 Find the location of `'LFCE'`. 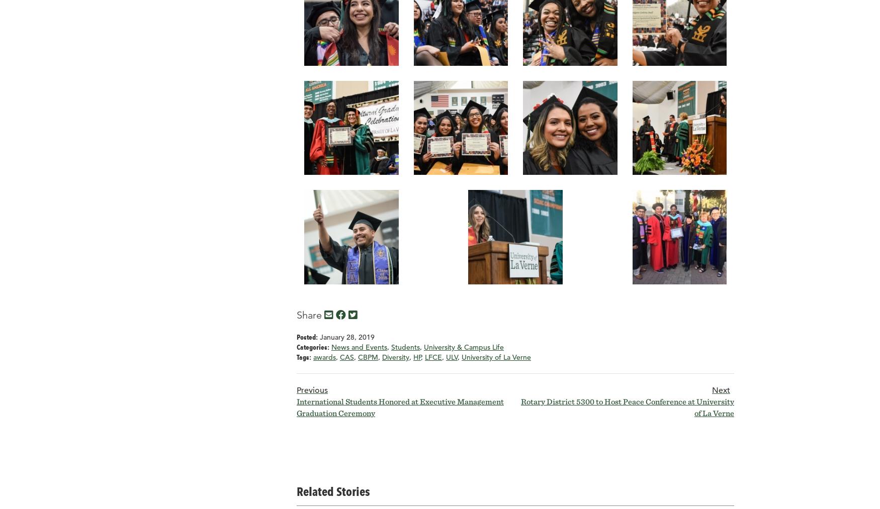

'LFCE' is located at coordinates (433, 357).